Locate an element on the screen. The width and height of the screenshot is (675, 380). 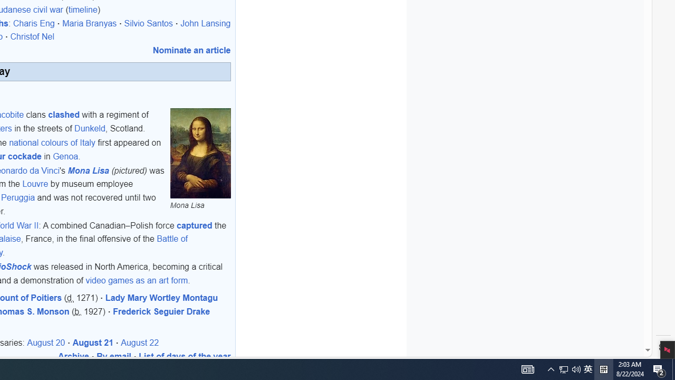
'John Lansing' is located at coordinates (205, 23).